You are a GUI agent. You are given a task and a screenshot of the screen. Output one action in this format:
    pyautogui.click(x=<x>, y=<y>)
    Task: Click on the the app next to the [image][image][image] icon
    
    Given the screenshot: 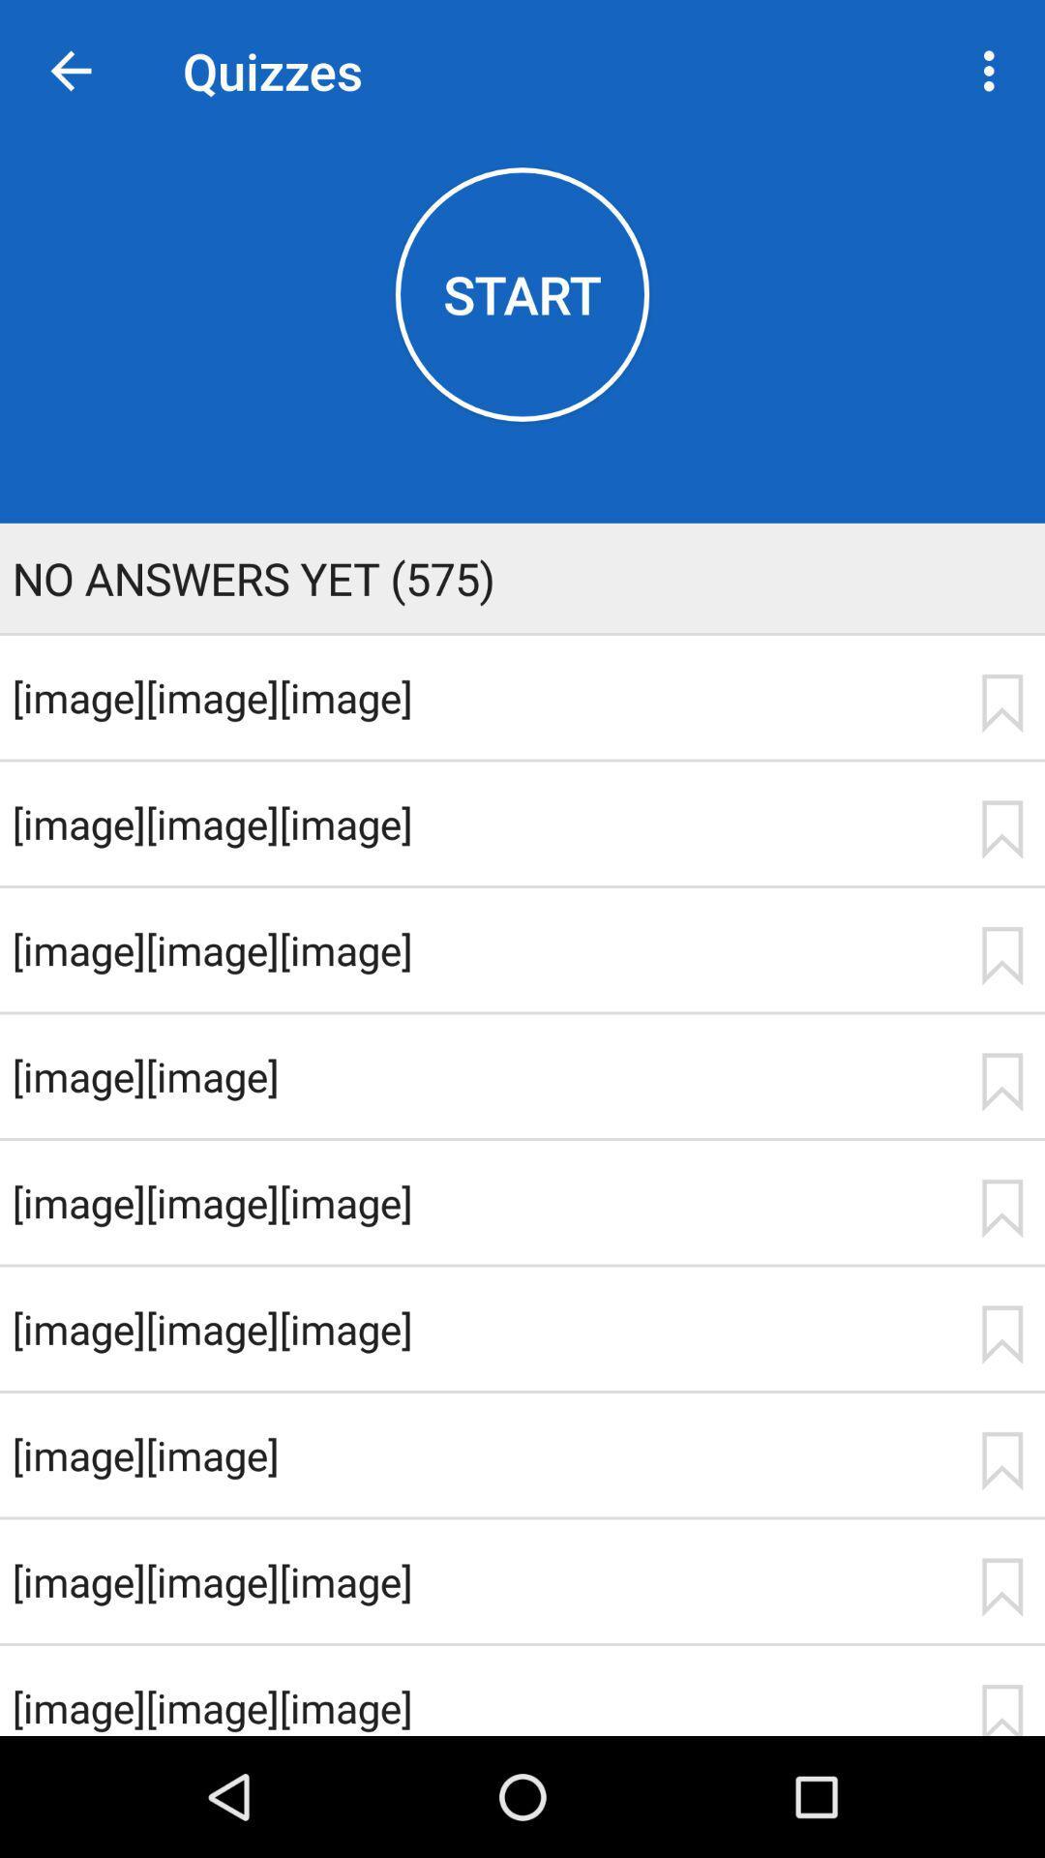 What is the action you would take?
    pyautogui.click(x=1001, y=956)
    